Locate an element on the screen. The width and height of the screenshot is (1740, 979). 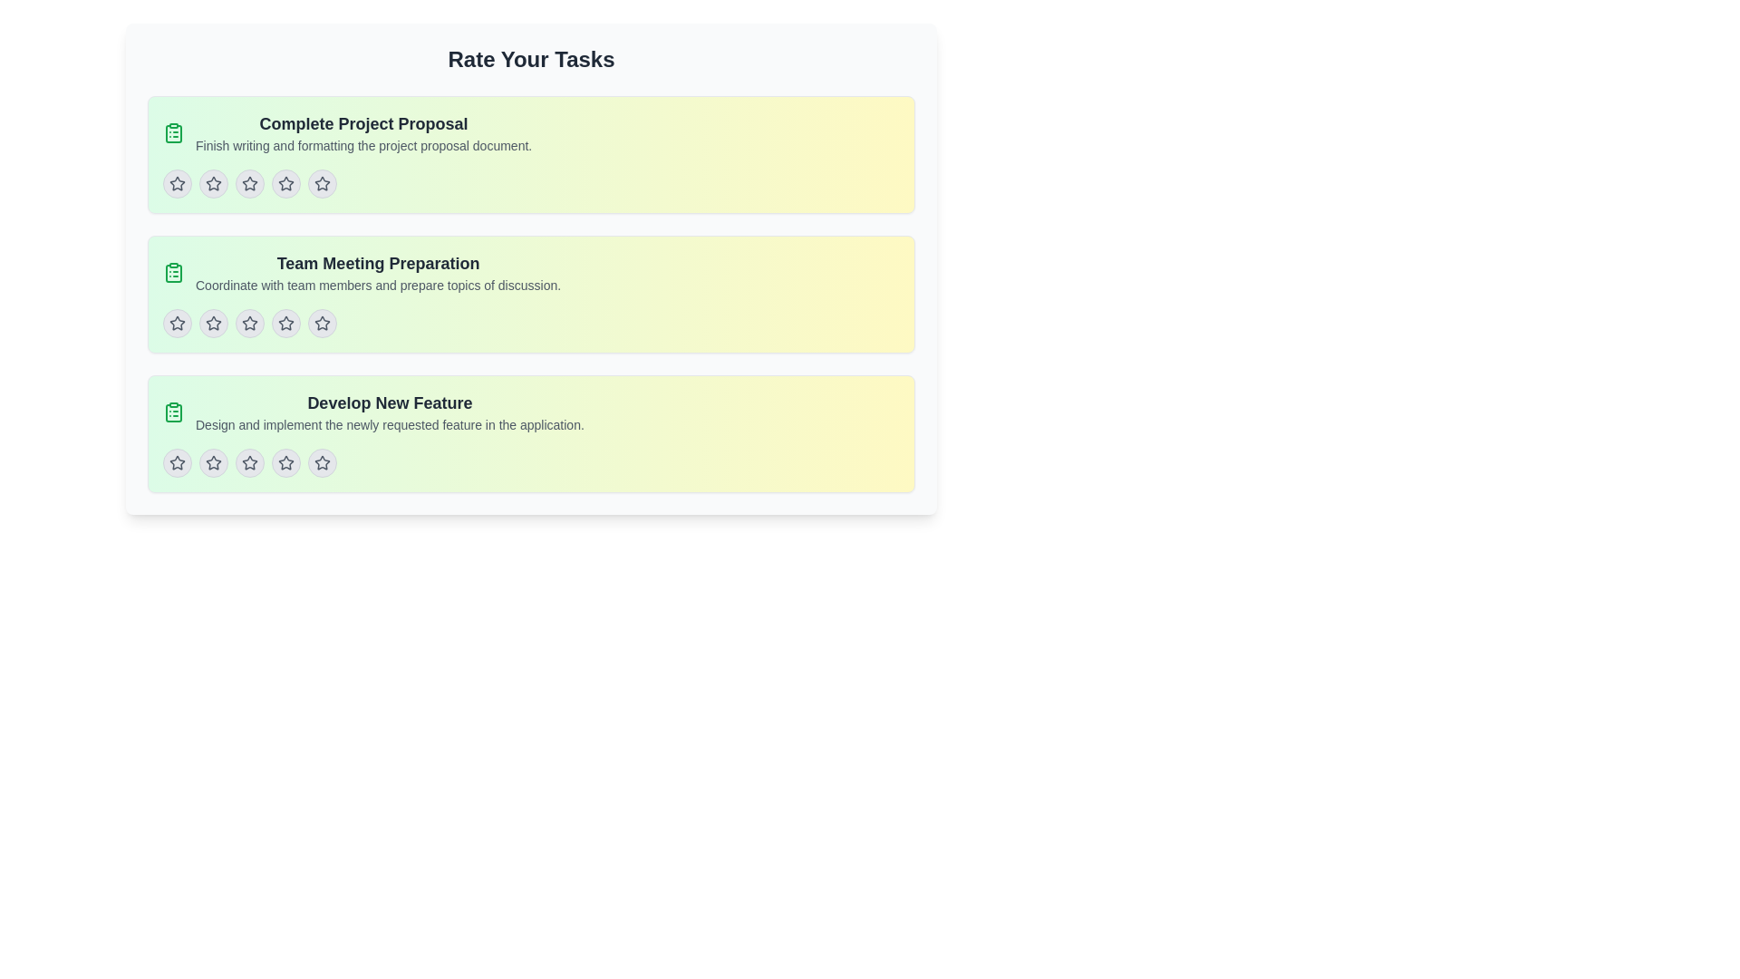
text on the informational card titled 'Develop New Feature', located in the third row of the 'Rate Your Tasks' section is located at coordinates (530, 412).